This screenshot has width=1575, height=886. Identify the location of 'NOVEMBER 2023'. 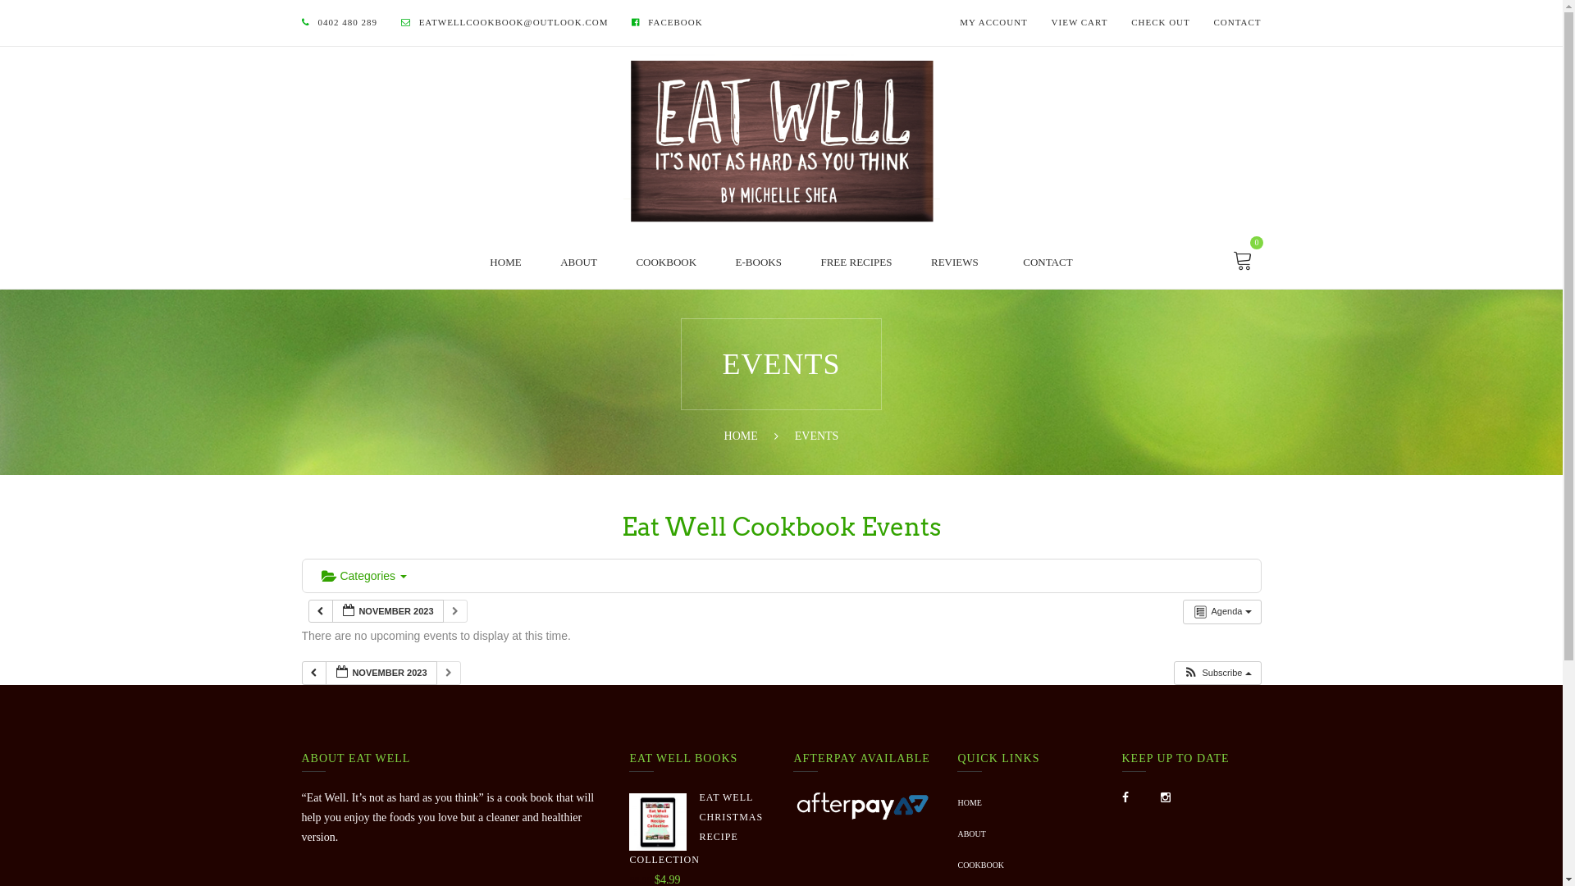
(380, 673).